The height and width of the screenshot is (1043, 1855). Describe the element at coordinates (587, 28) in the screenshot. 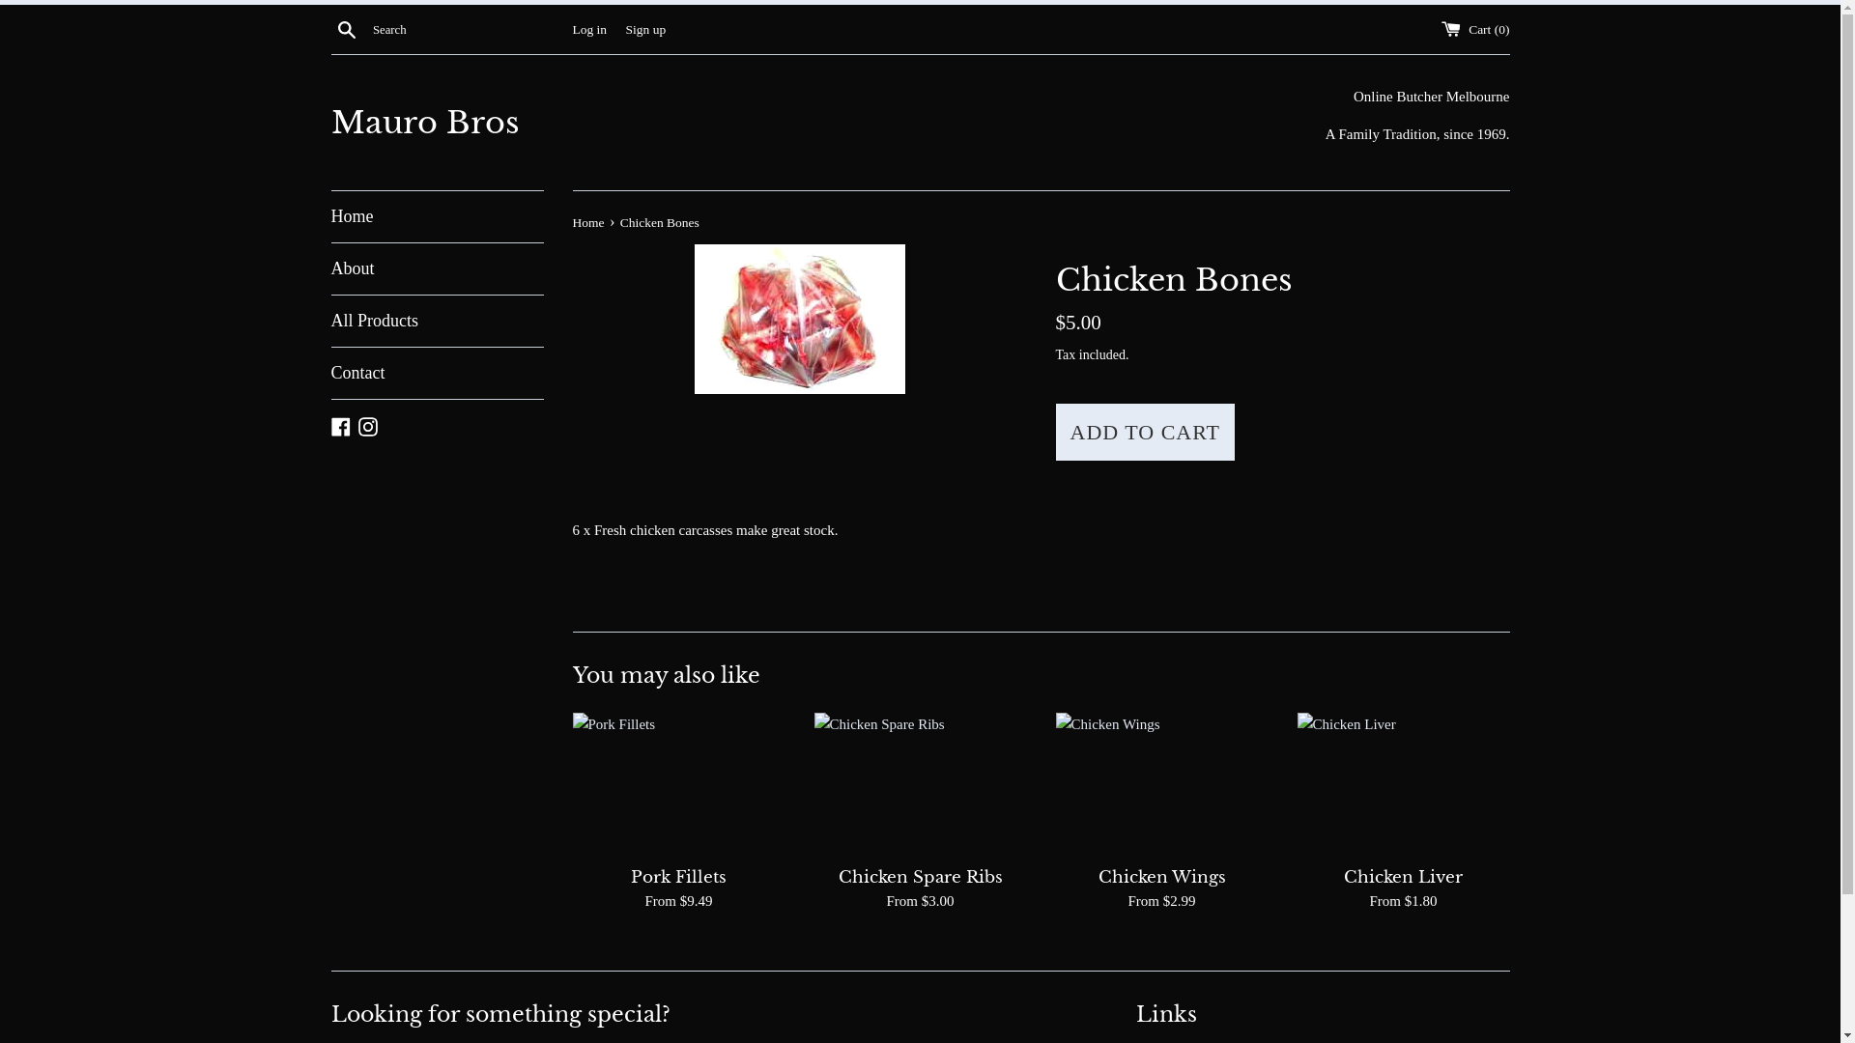

I see `'Log in'` at that location.